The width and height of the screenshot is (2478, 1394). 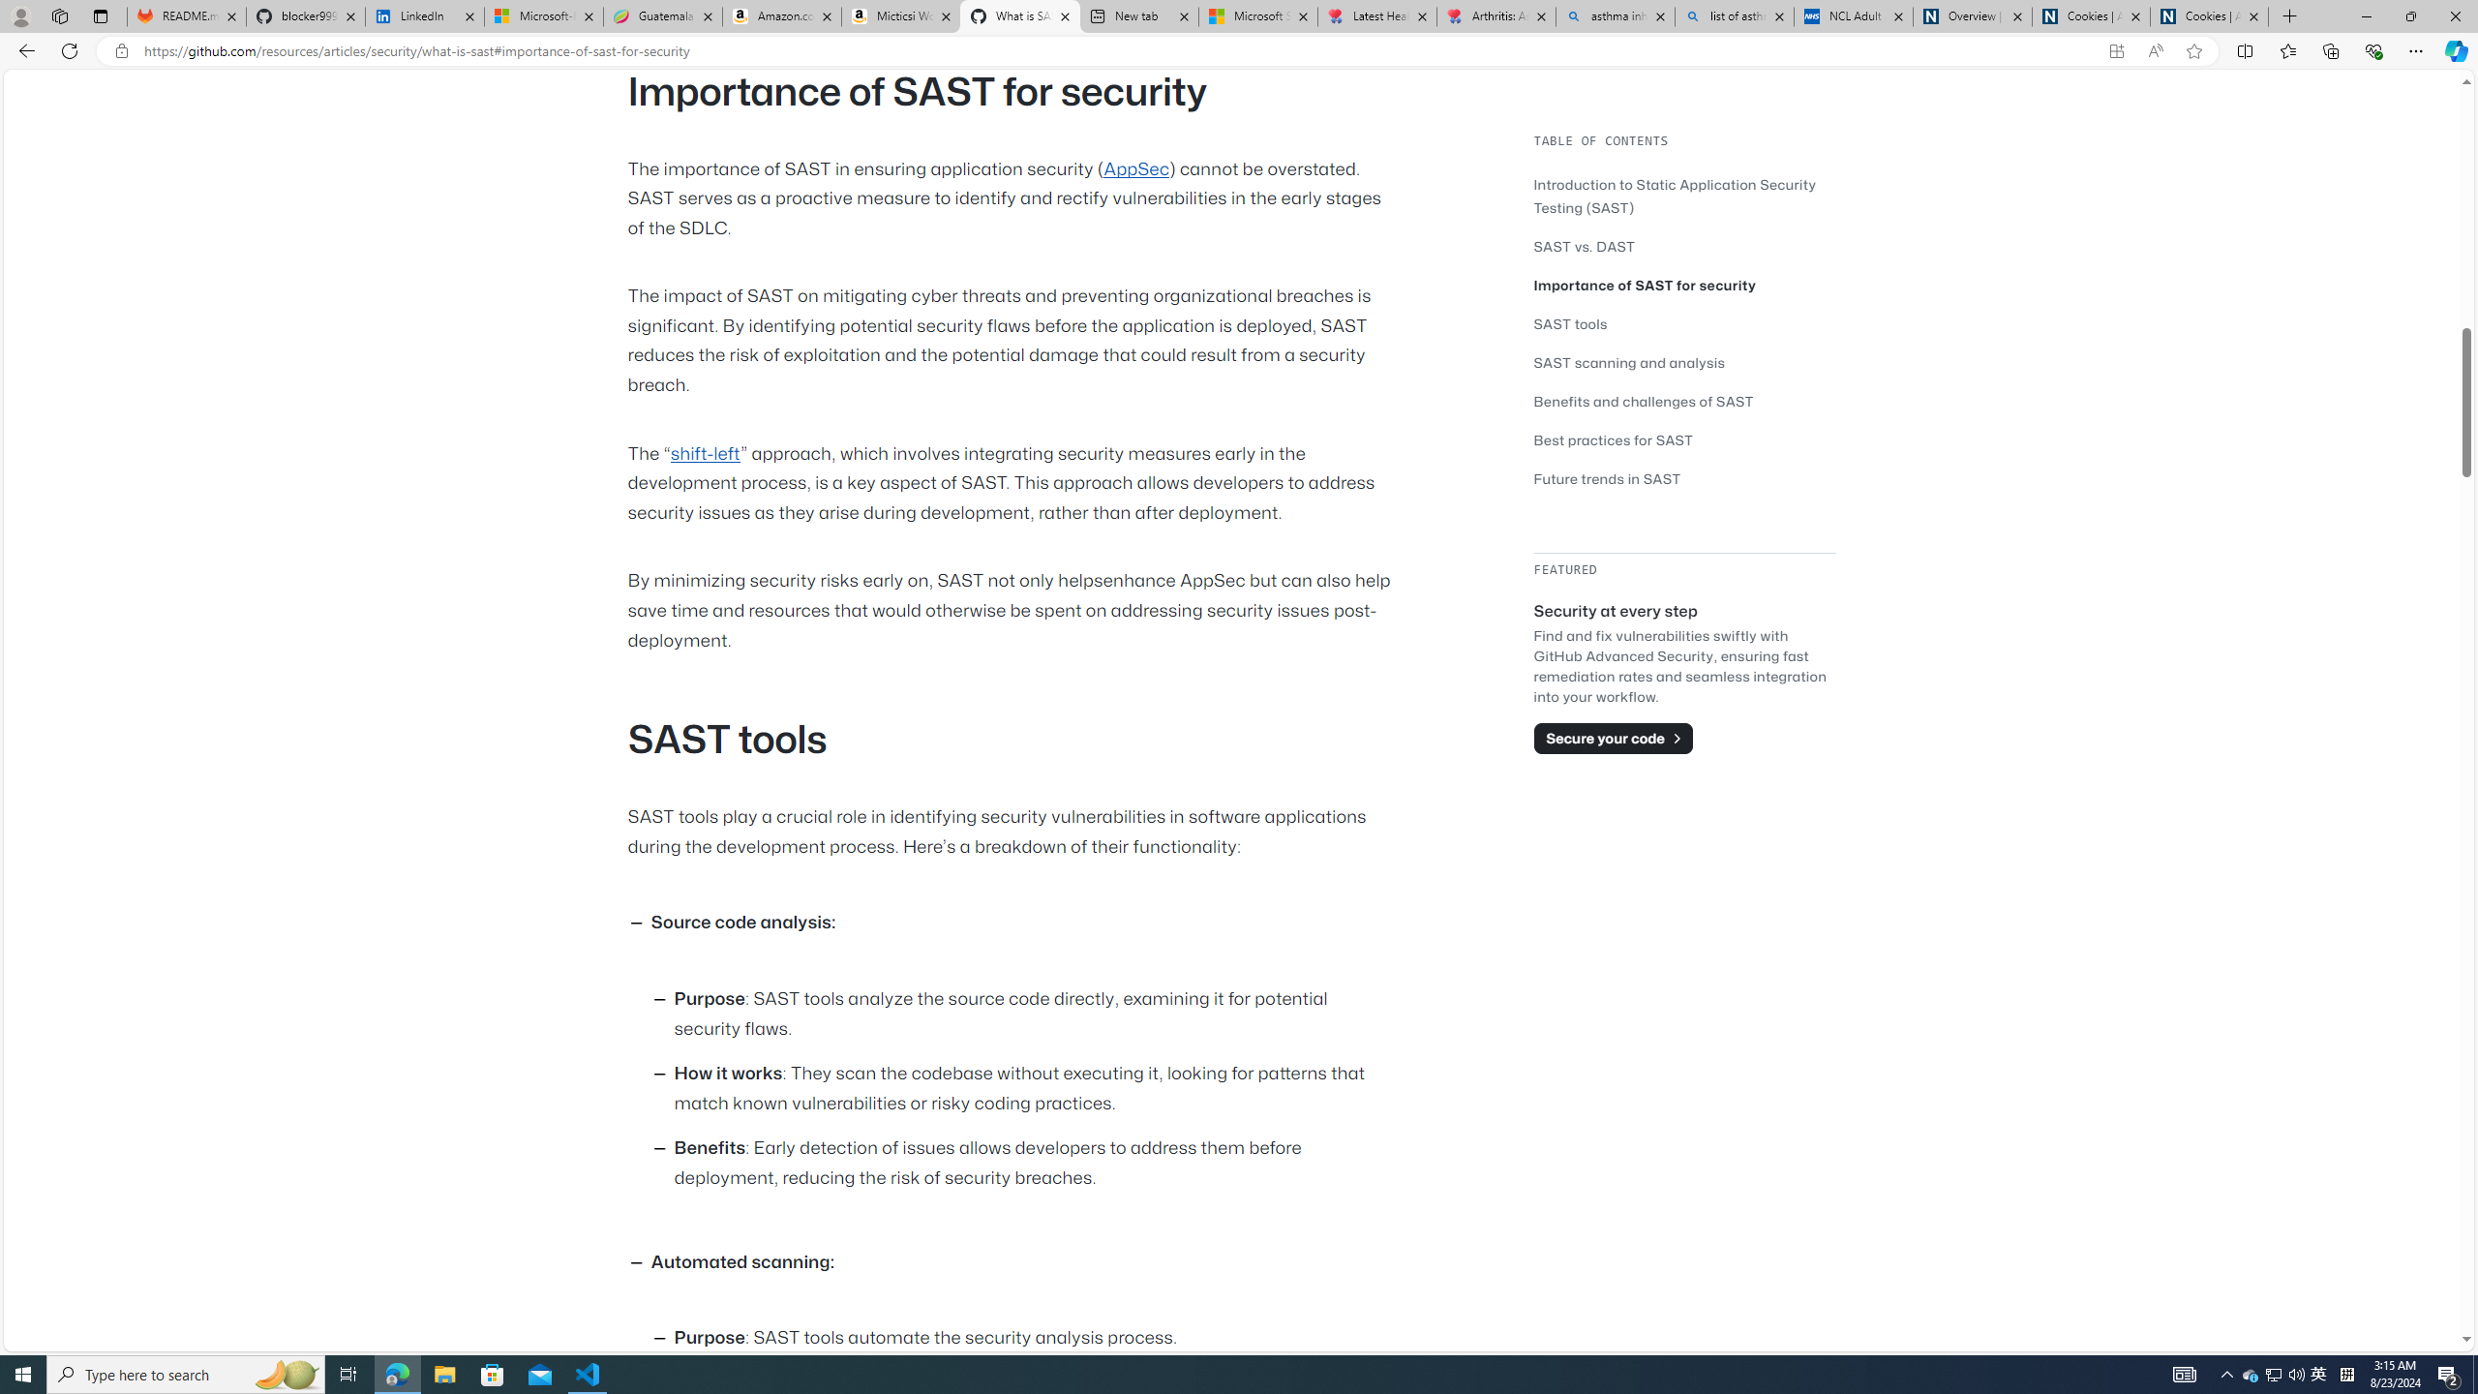 What do you see at coordinates (1684, 245) in the screenshot?
I see `'SAST vs. DAST'` at bounding box center [1684, 245].